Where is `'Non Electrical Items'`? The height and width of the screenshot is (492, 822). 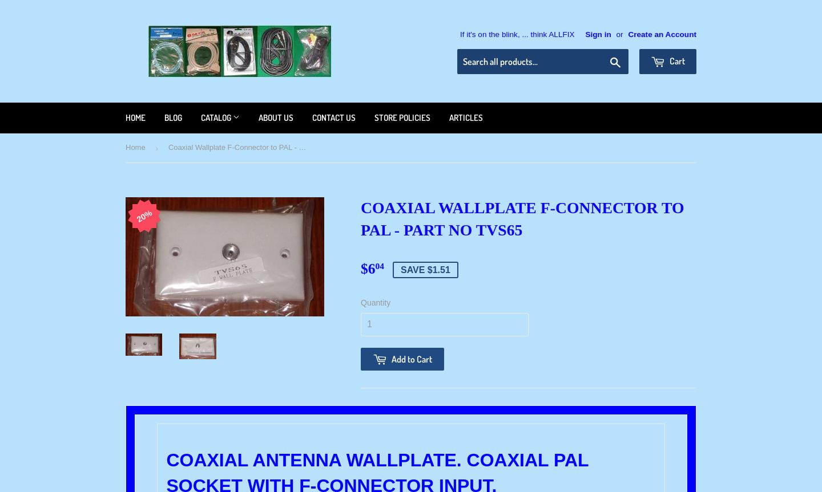 'Non Electrical Items' is located at coordinates (234, 262).